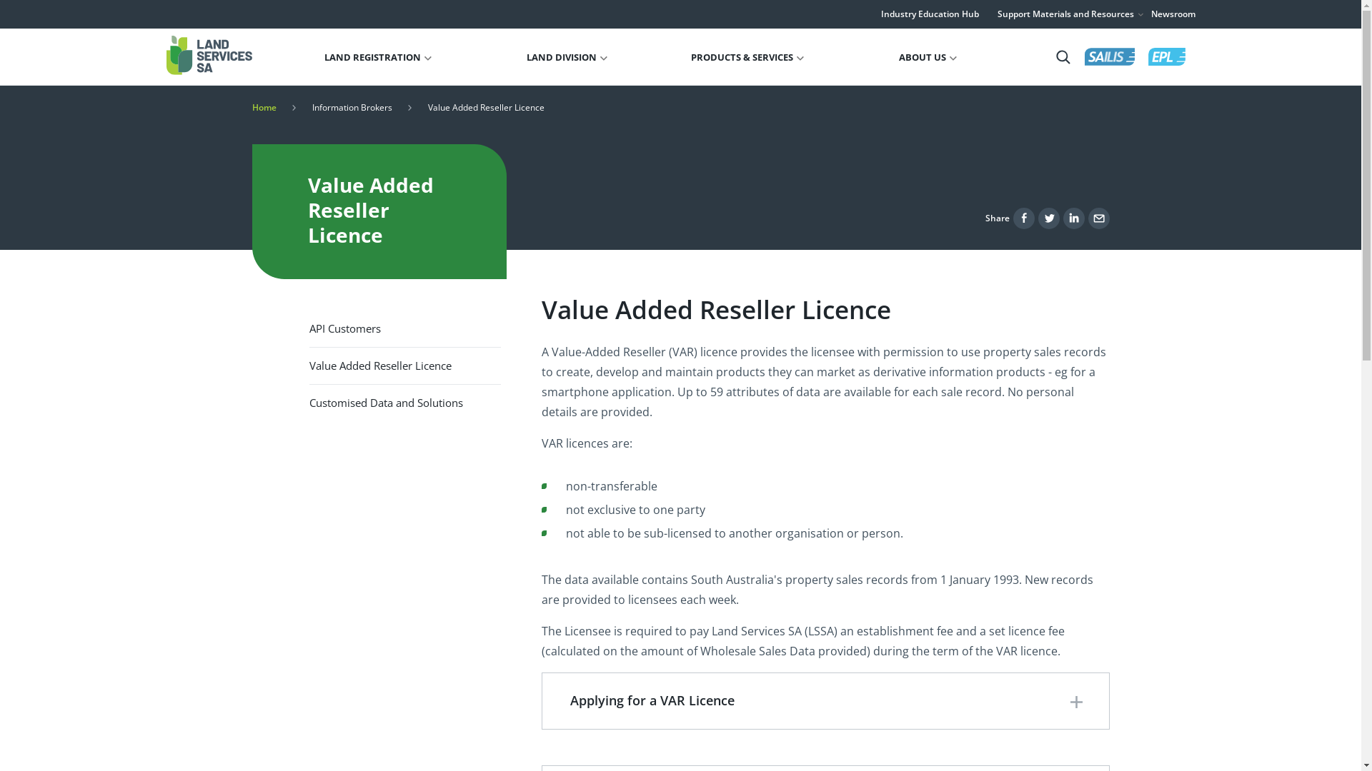 Image resolution: width=1372 pixels, height=771 pixels. Describe the element at coordinates (311, 106) in the screenshot. I see `'Information Brokers'` at that location.